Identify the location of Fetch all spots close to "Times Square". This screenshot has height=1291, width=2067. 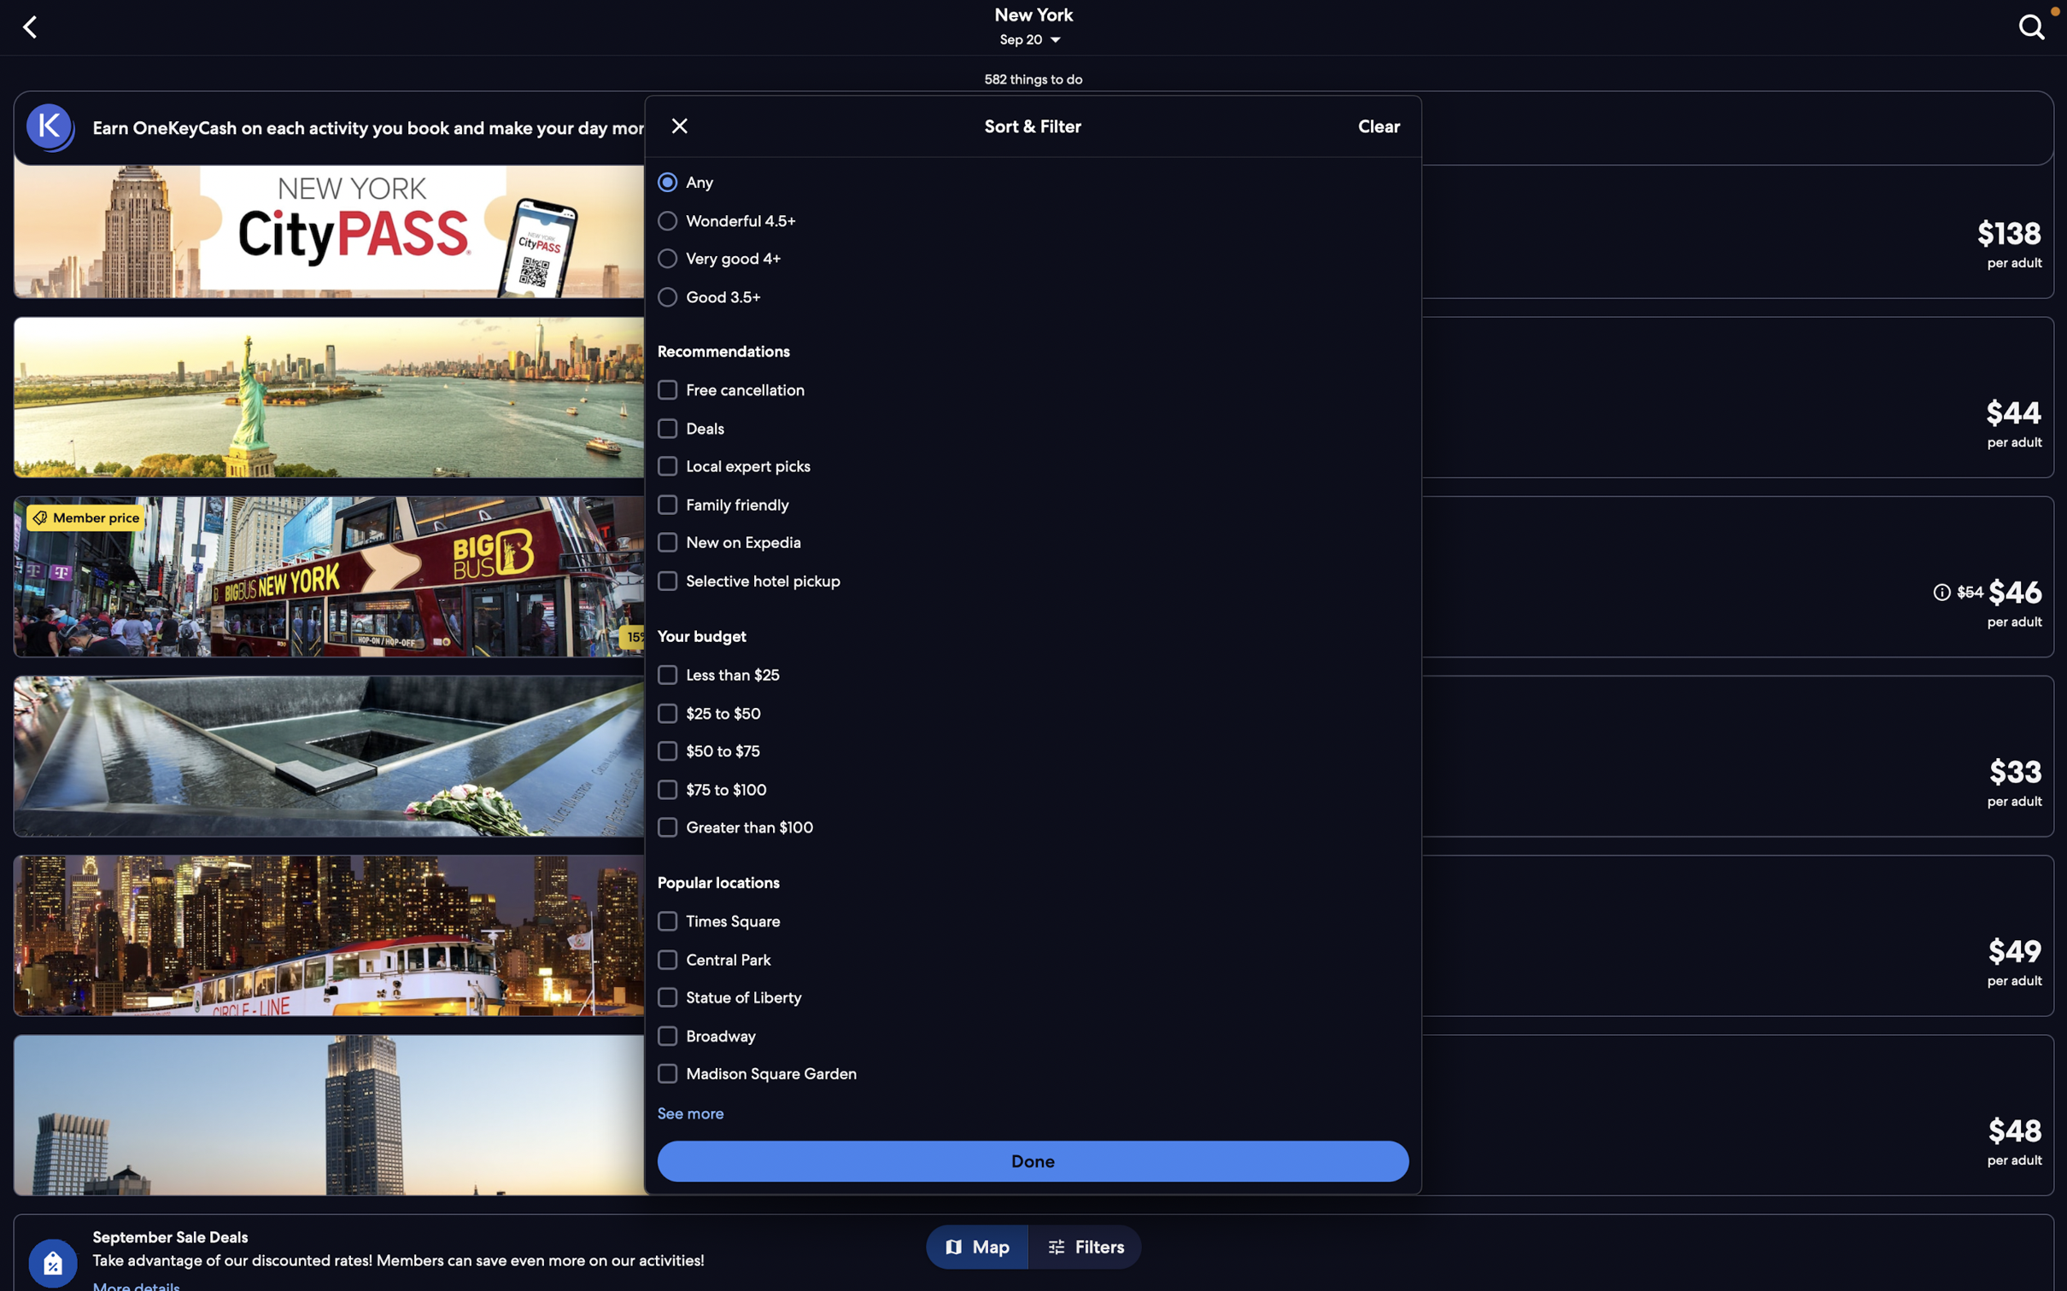
(1035, 921).